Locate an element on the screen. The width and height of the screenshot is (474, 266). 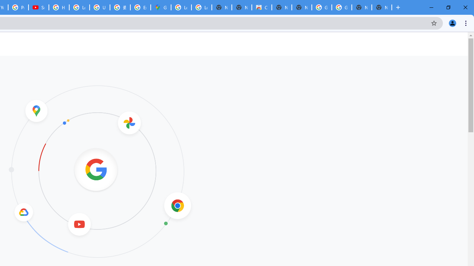
'Chrome Web Store' is located at coordinates (261, 7).